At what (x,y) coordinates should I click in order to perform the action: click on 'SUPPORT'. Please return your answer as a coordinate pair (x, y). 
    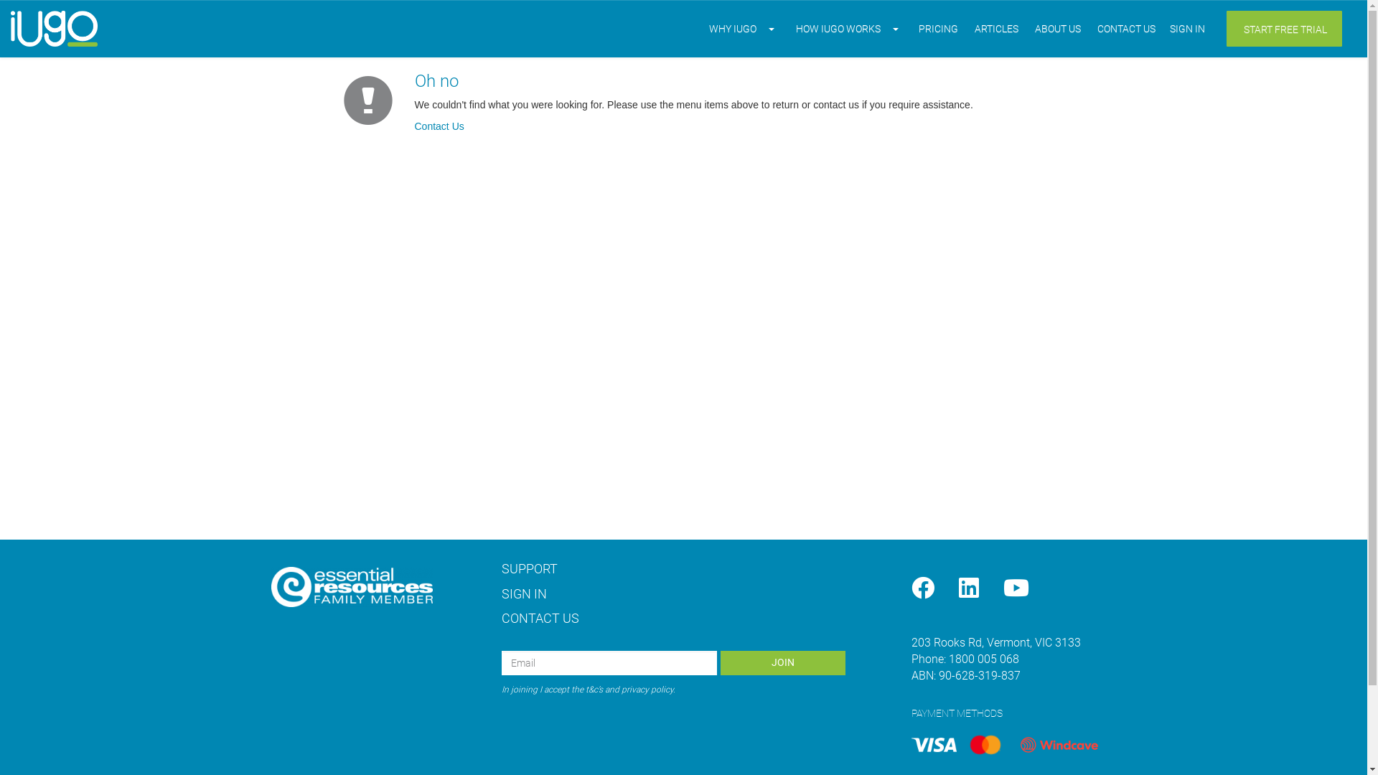
    Looking at the image, I should click on (529, 568).